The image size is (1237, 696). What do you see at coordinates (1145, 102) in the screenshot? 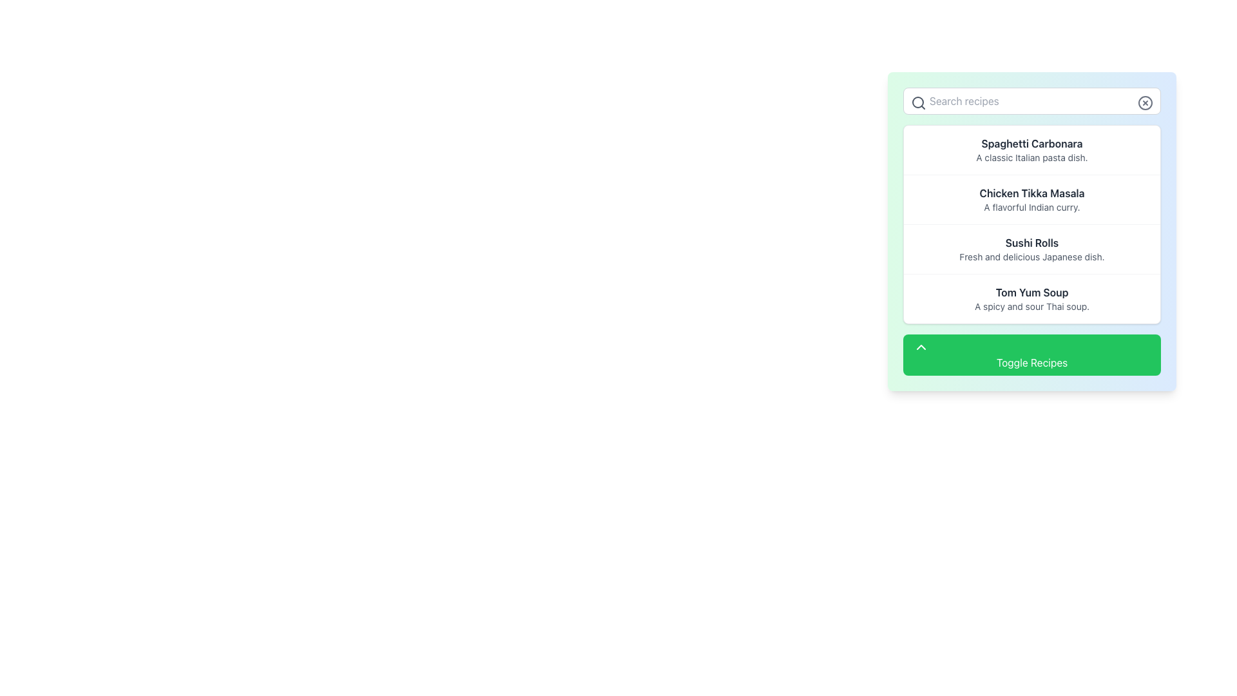
I see `the visual representation of the circular SVG icon with a cross mark, located at the top-right corner of the search box interface` at bounding box center [1145, 102].